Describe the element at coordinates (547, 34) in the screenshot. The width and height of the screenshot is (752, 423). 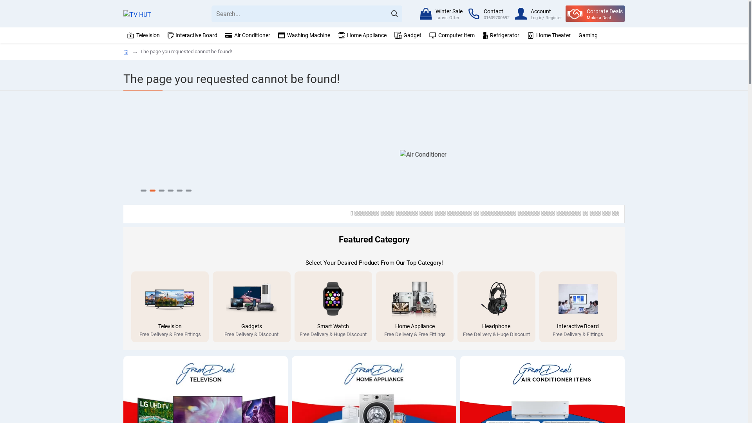
I see `'Home Theater'` at that location.